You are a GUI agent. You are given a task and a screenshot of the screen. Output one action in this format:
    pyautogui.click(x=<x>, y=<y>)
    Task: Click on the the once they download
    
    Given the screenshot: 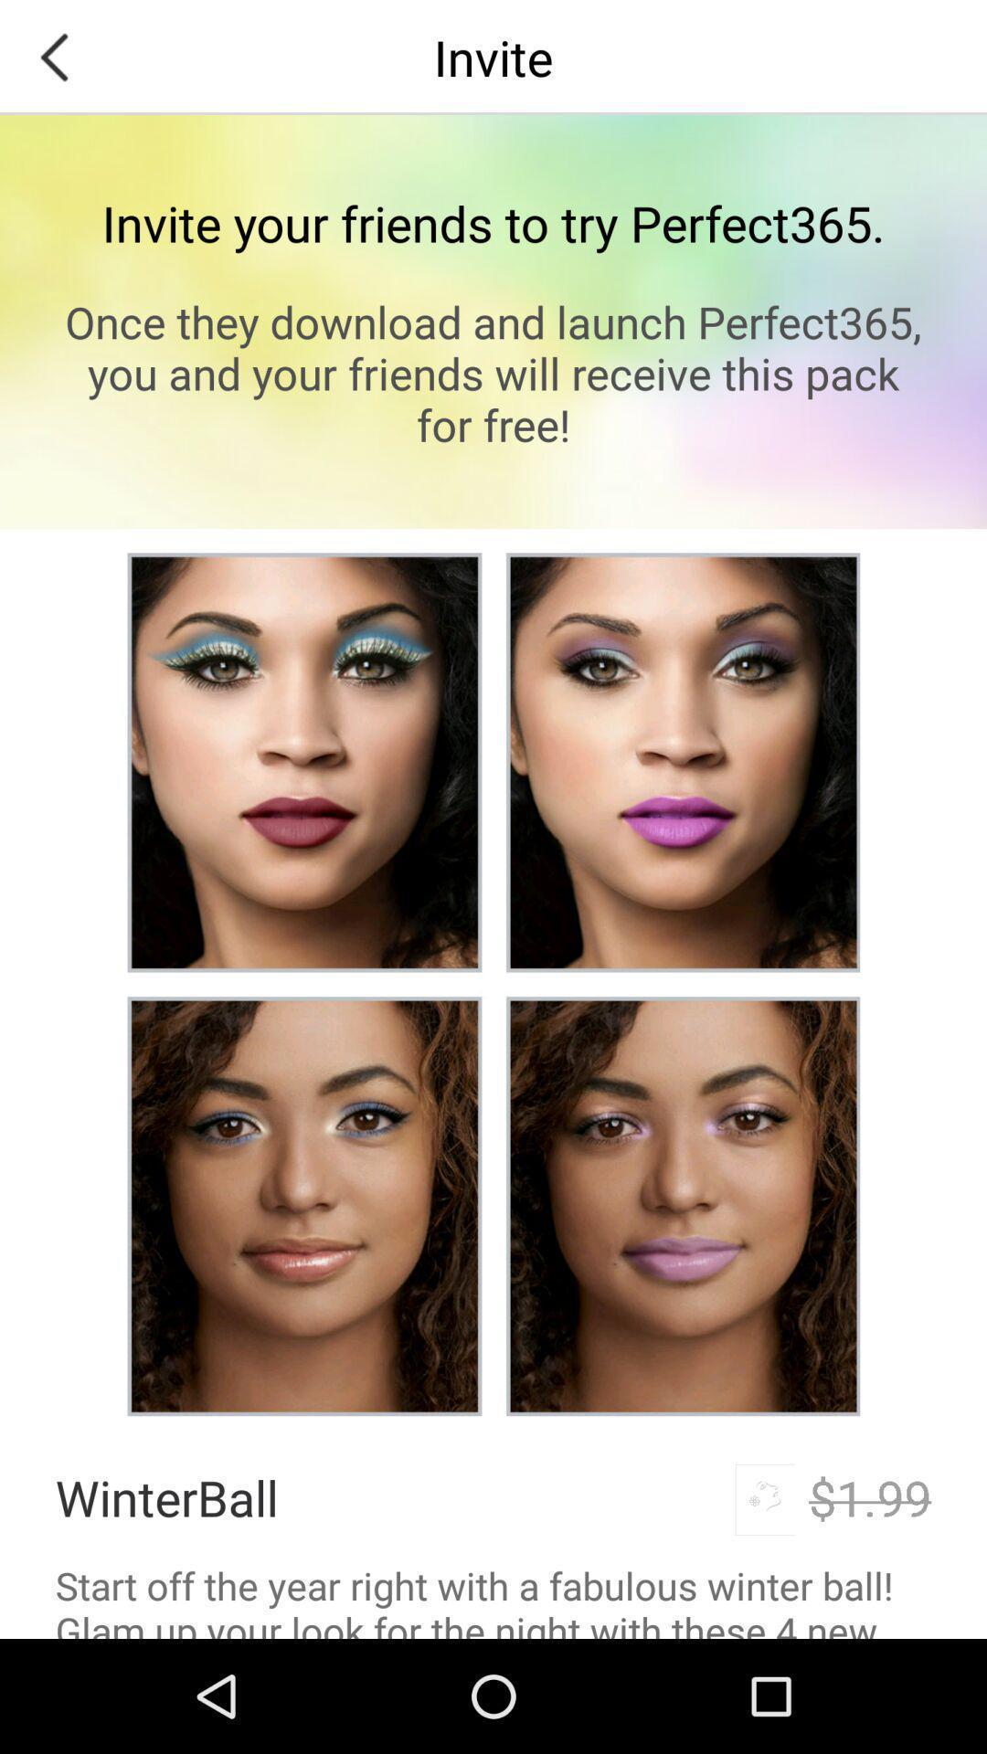 What is the action you would take?
    pyautogui.click(x=493, y=372)
    